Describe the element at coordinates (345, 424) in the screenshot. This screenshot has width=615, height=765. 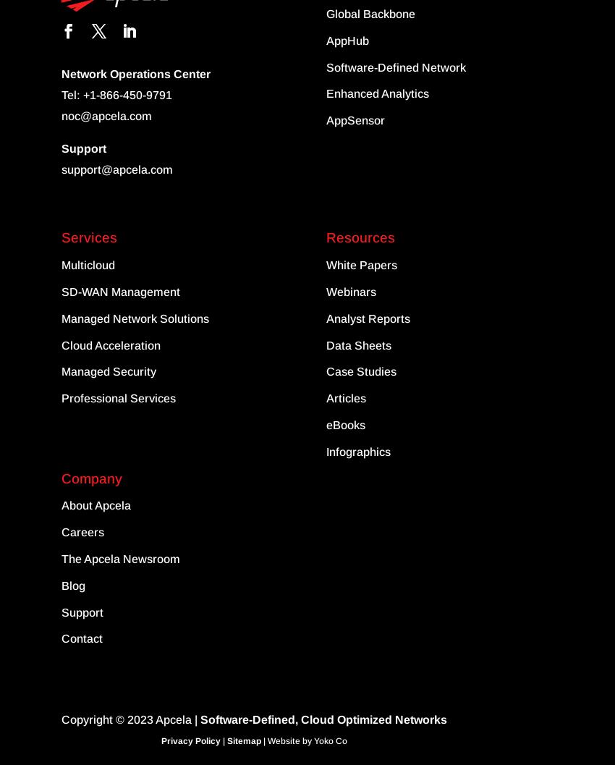
I see `'eBooks'` at that location.